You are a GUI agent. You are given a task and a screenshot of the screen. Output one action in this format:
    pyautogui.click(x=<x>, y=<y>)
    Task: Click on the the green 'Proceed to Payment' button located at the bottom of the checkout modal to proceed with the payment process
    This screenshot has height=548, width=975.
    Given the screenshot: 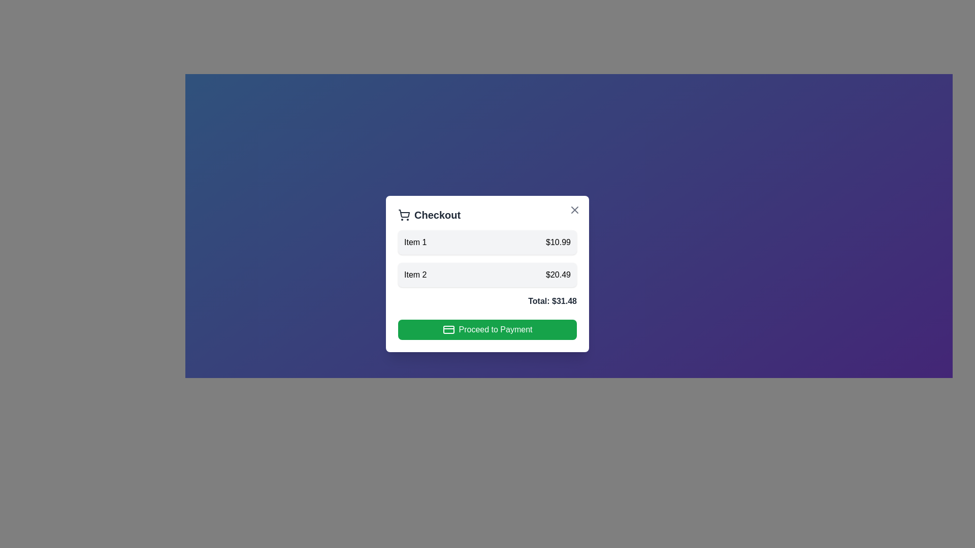 What is the action you would take?
    pyautogui.click(x=487, y=330)
    